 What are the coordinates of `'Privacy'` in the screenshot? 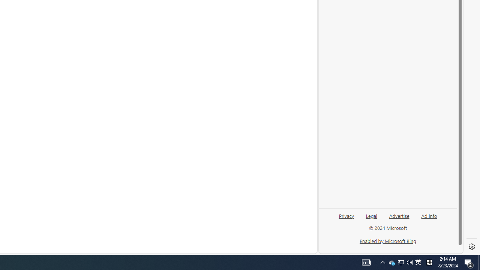 It's located at (346, 215).